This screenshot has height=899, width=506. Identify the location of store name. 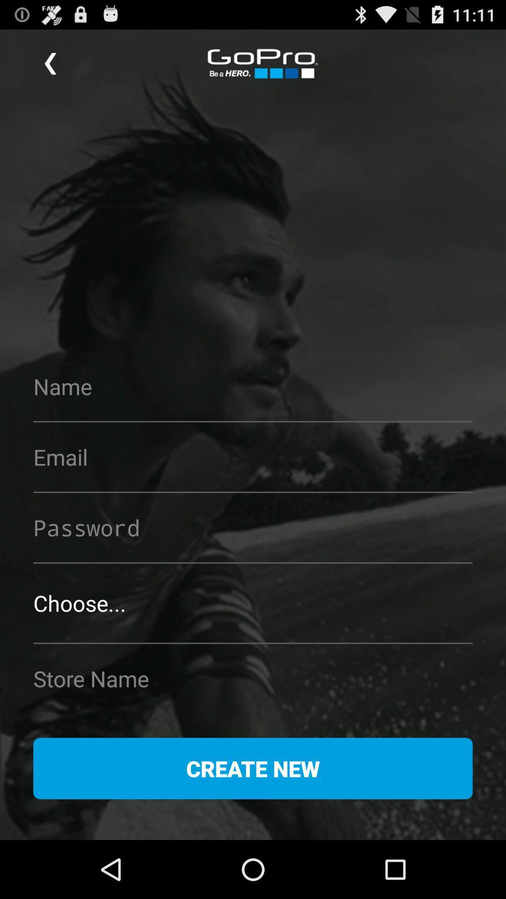
(253, 678).